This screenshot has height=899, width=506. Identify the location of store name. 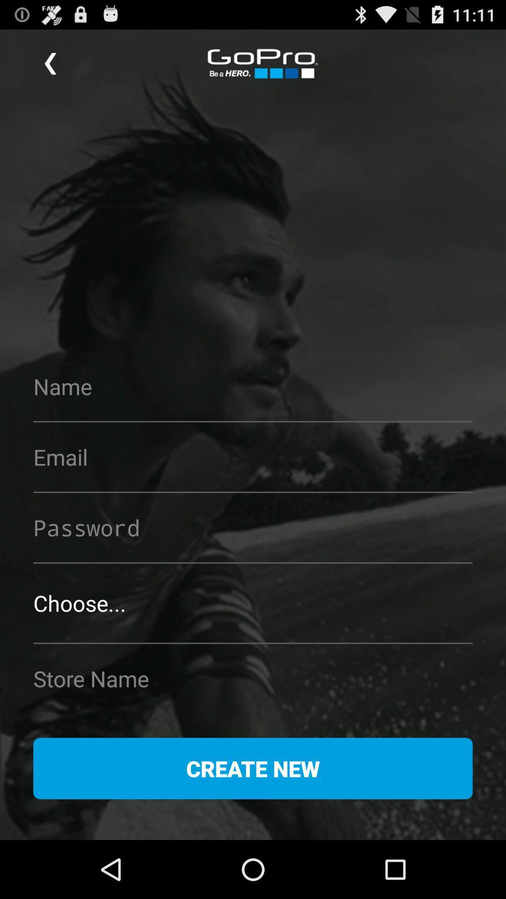
(253, 678).